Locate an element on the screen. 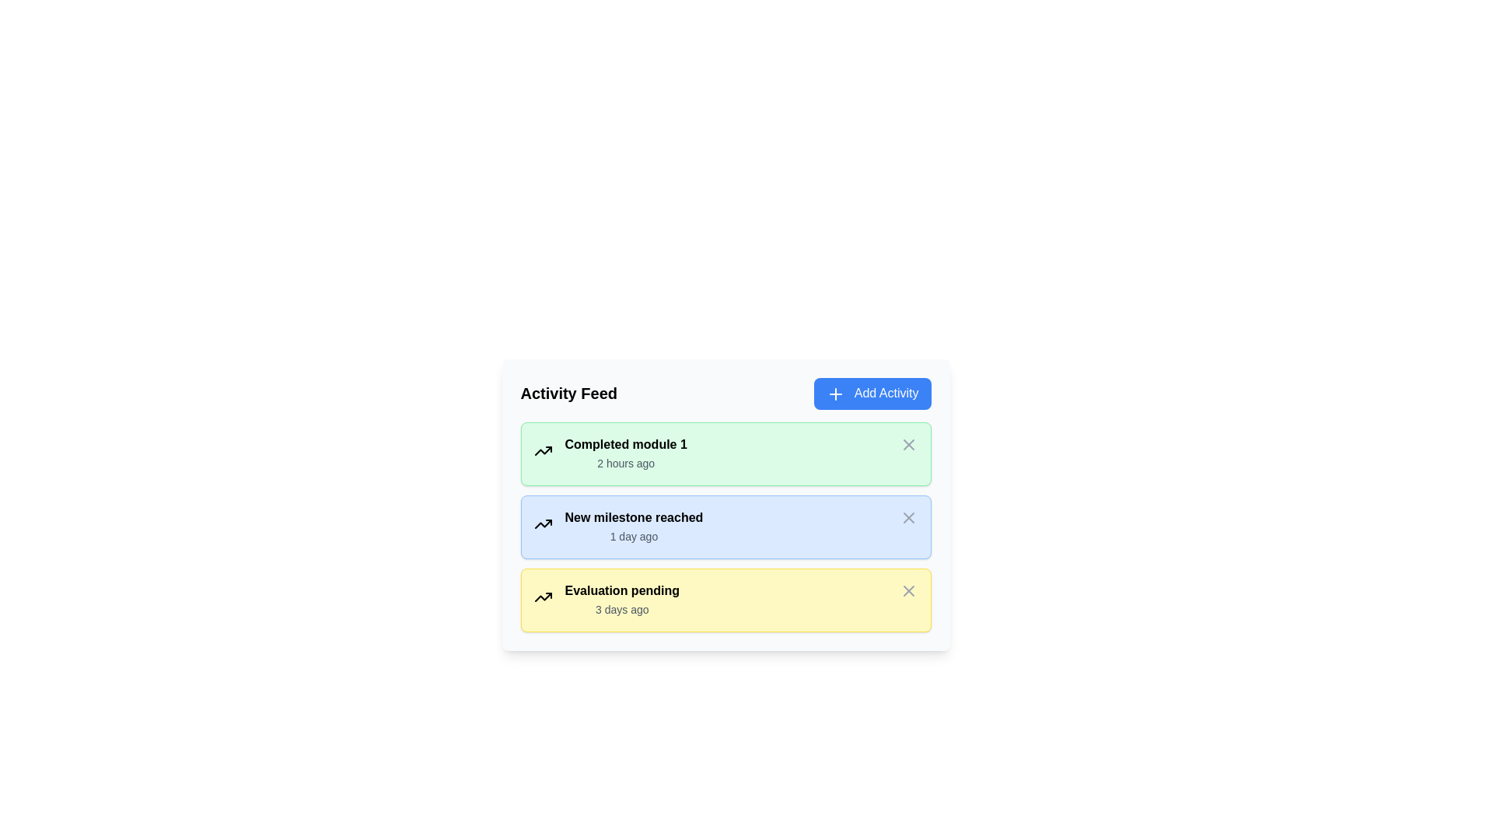 This screenshot has width=1493, height=840. the 'close' button of the notification card in the 'Activity Feed' to change its color for interactivity indication is located at coordinates (908, 517).